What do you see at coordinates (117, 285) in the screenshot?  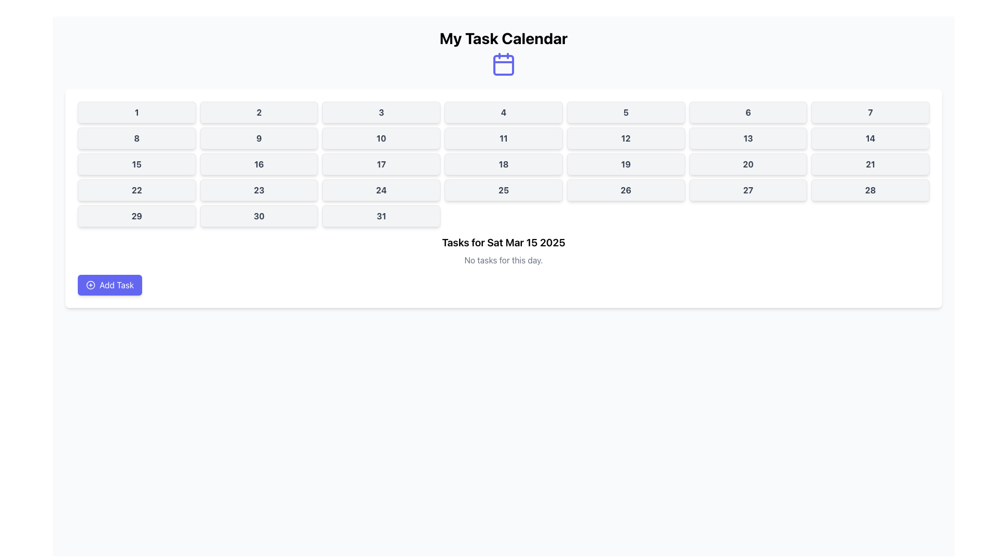 I see `the 'Add Task' text label located within the 'Add Task' button, which is positioned in the lower-left part of the layout under the calendar display` at bounding box center [117, 285].